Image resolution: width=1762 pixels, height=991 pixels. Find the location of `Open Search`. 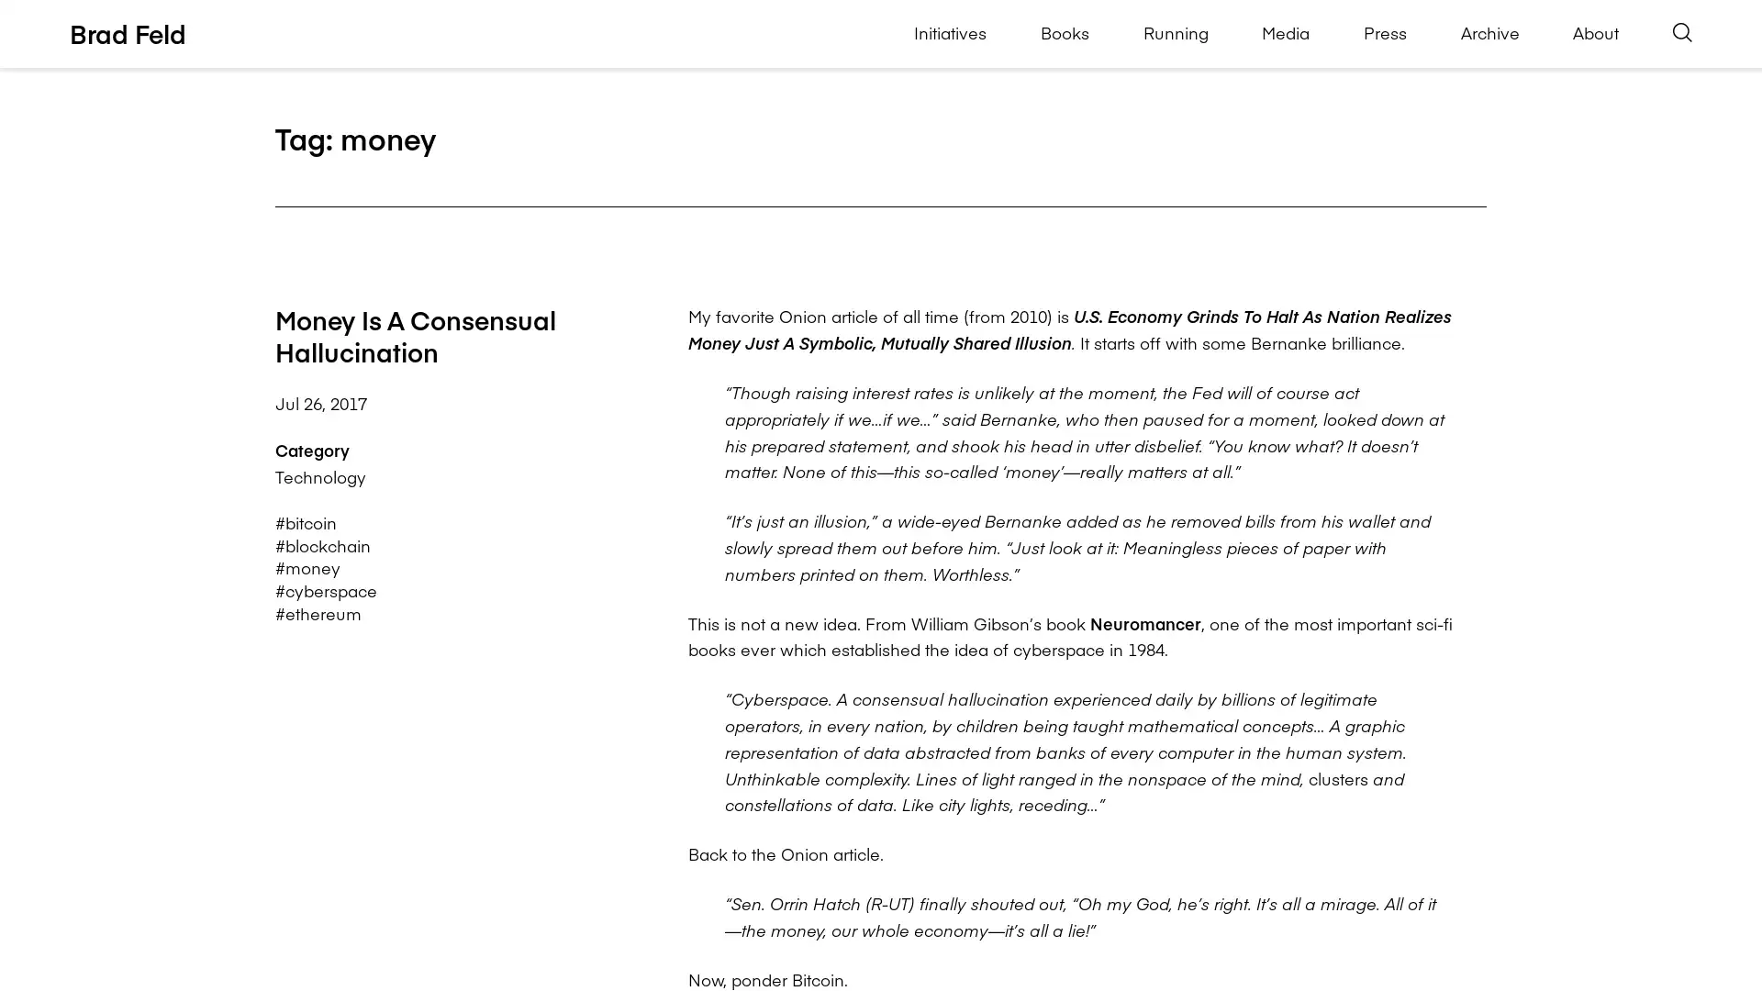

Open Search is located at coordinates (1682, 33).